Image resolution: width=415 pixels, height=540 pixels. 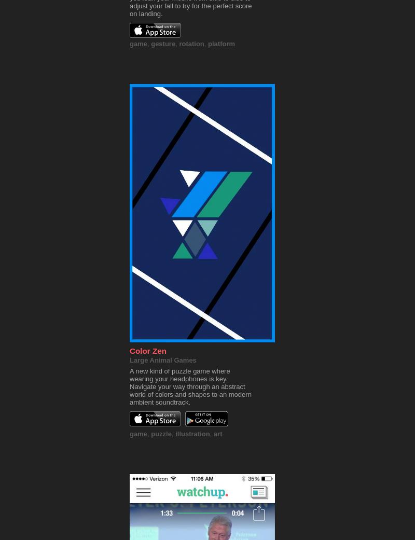 What do you see at coordinates (221, 43) in the screenshot?
I see `'platform'` at bounding box center [221, 43].